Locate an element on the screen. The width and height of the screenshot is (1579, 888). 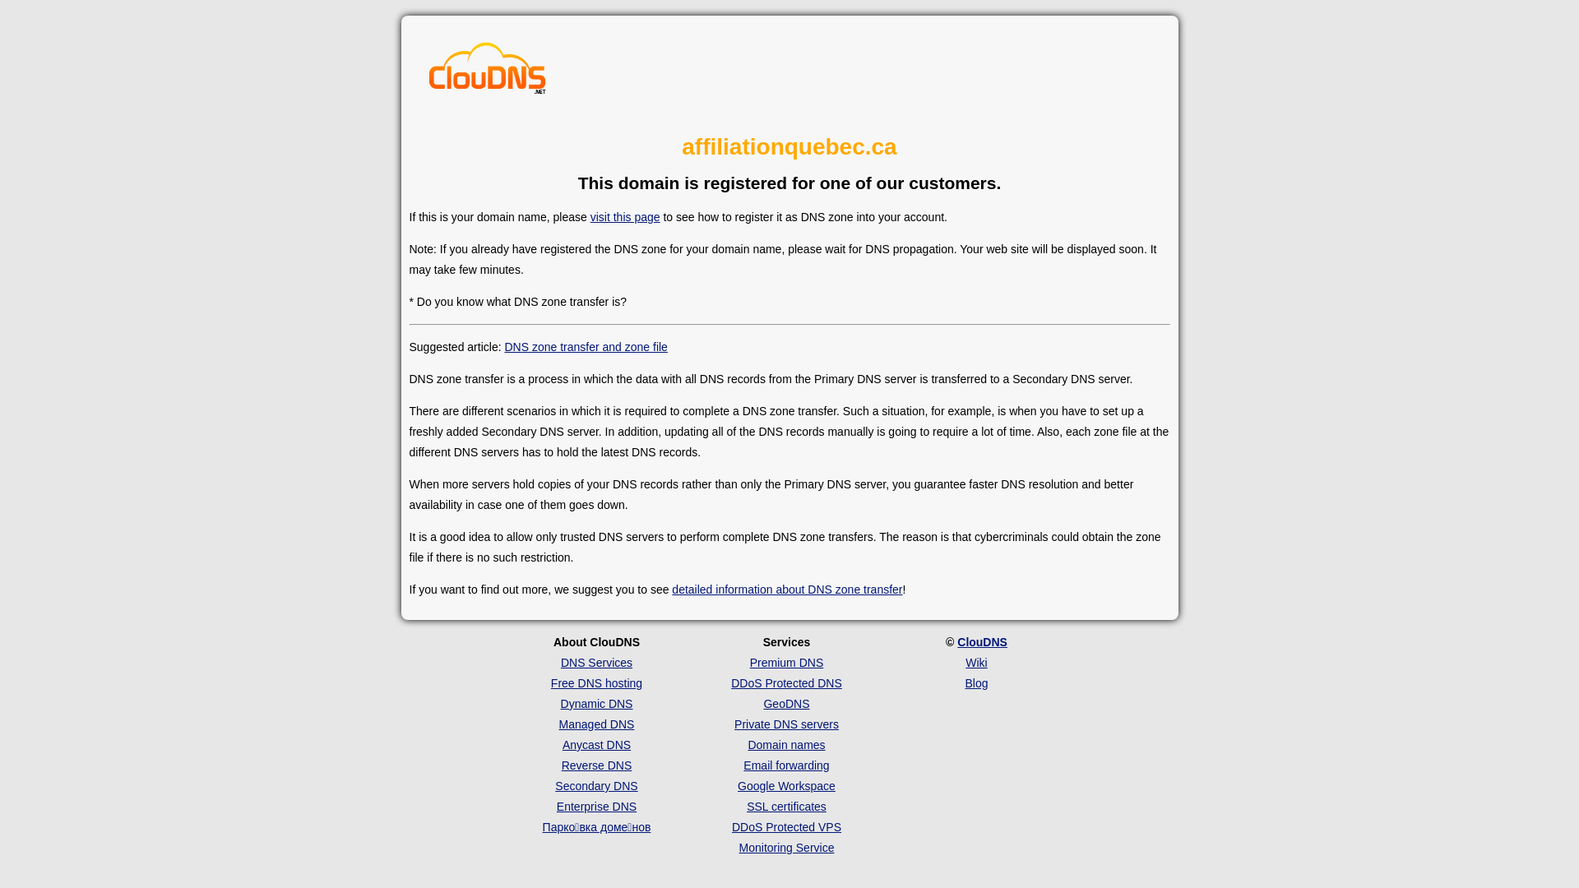
'Google Workspace' is located at coordinates (785, 785).